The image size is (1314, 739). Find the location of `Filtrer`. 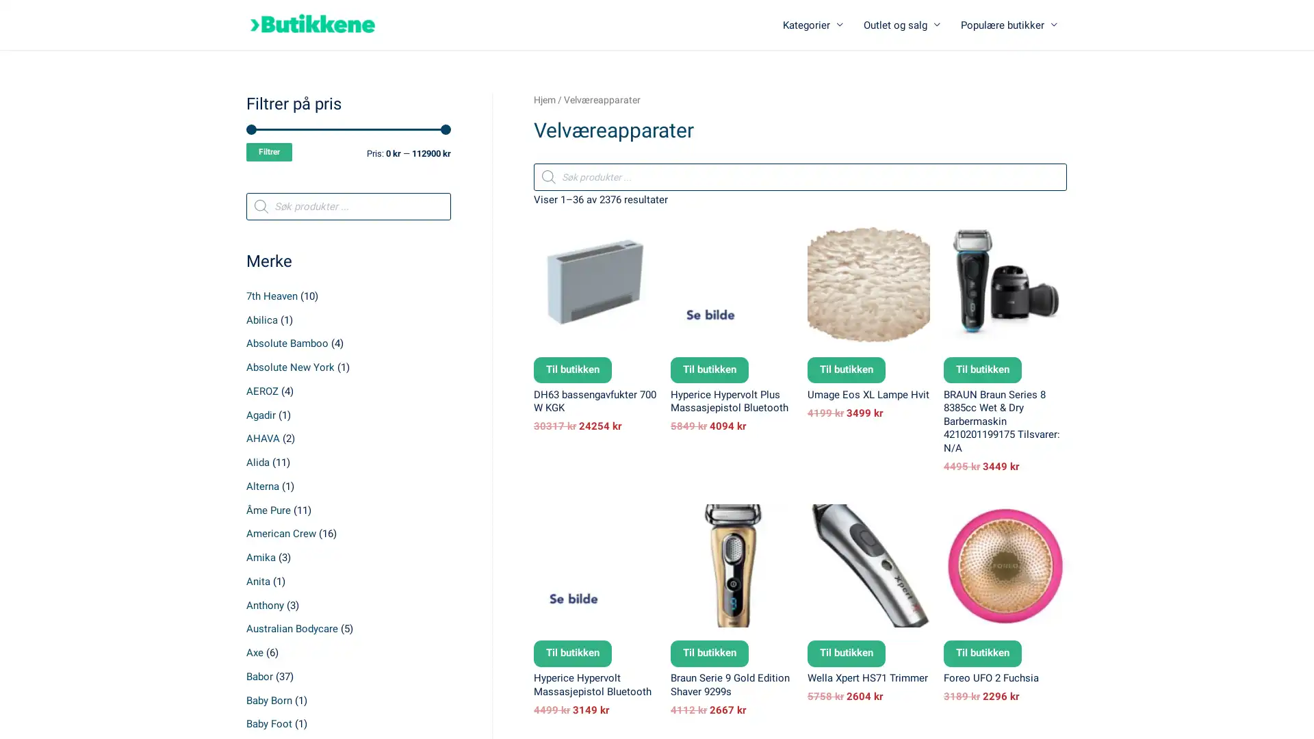

Filtrer is located at coordinates (269, 152).